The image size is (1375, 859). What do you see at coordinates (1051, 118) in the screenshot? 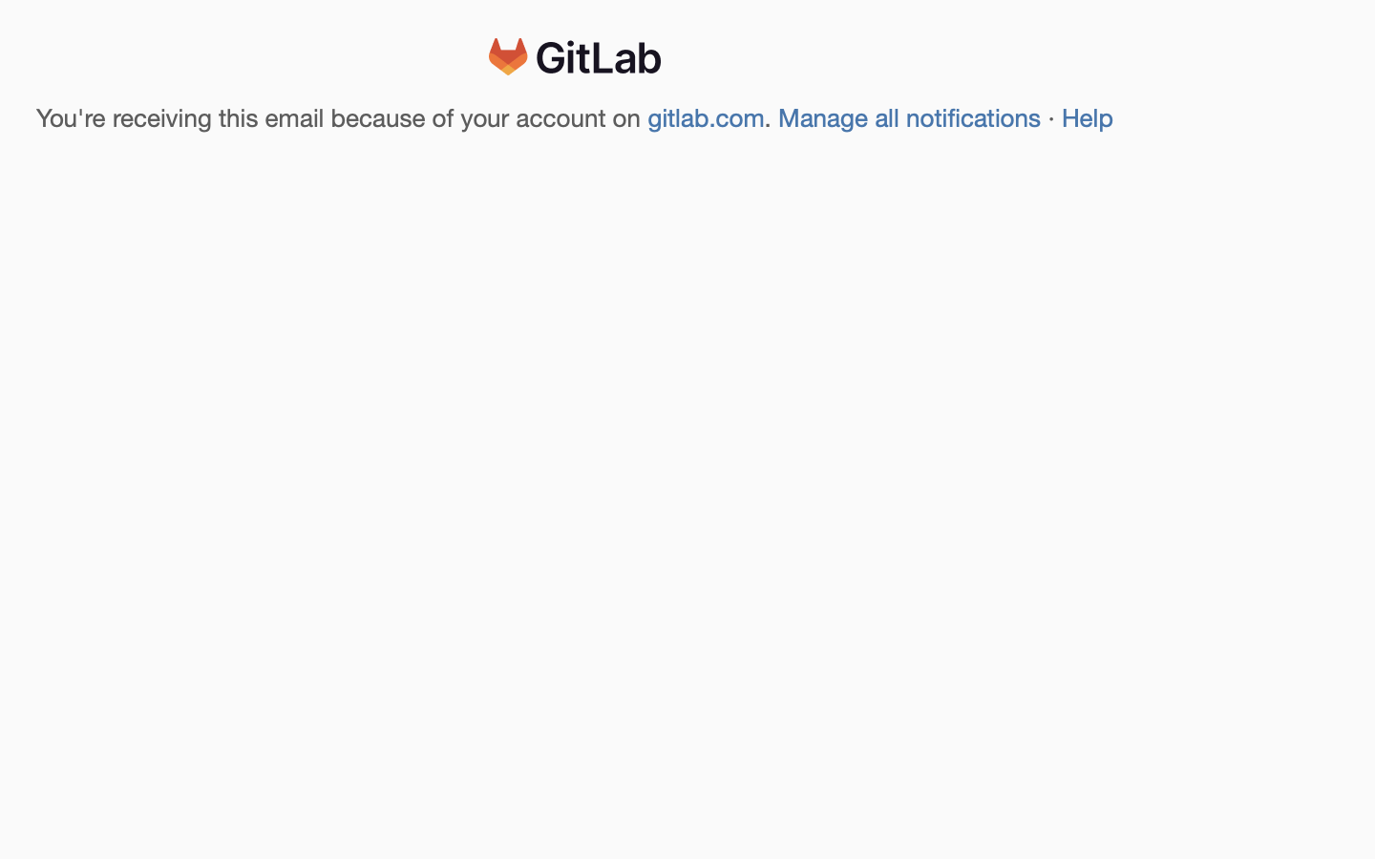
I see `'·'` at bounding box center [1051, 118].